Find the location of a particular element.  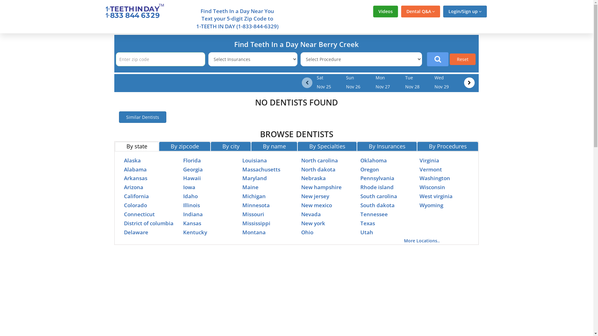

'Ohio' is located at coordinates (307, 232).